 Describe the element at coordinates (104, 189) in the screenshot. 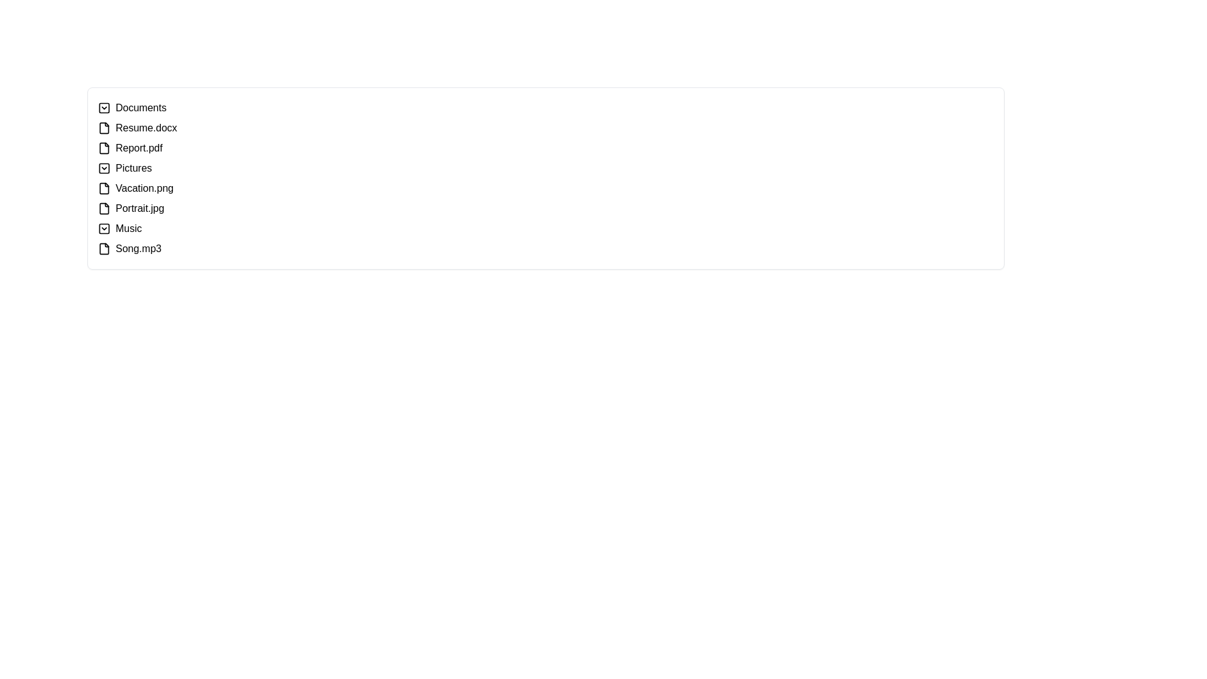

I see `the icon representing the file type for 'Vacation.png', which is located to the left of the text label in the file list` at that location.